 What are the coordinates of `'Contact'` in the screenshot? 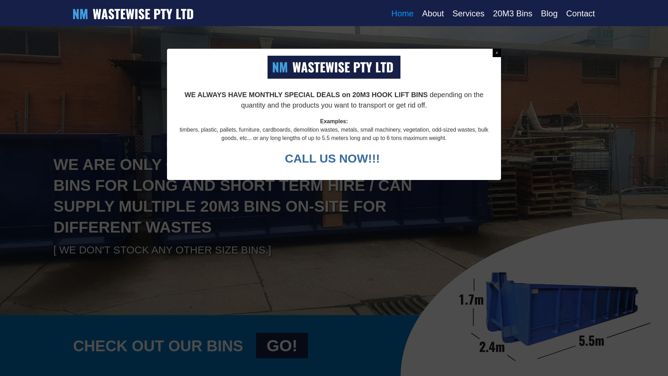 It's located at (580, 13).